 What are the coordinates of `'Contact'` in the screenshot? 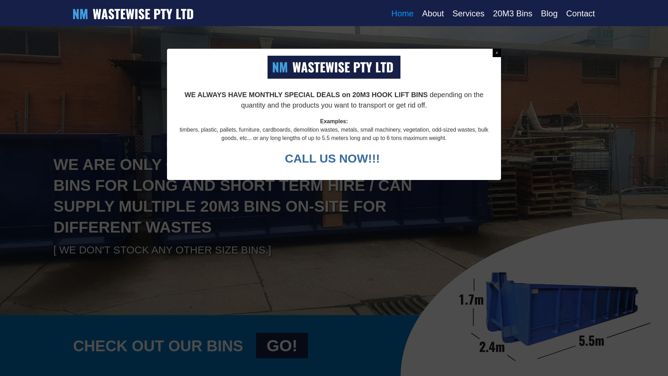 It's located at (580, 13).